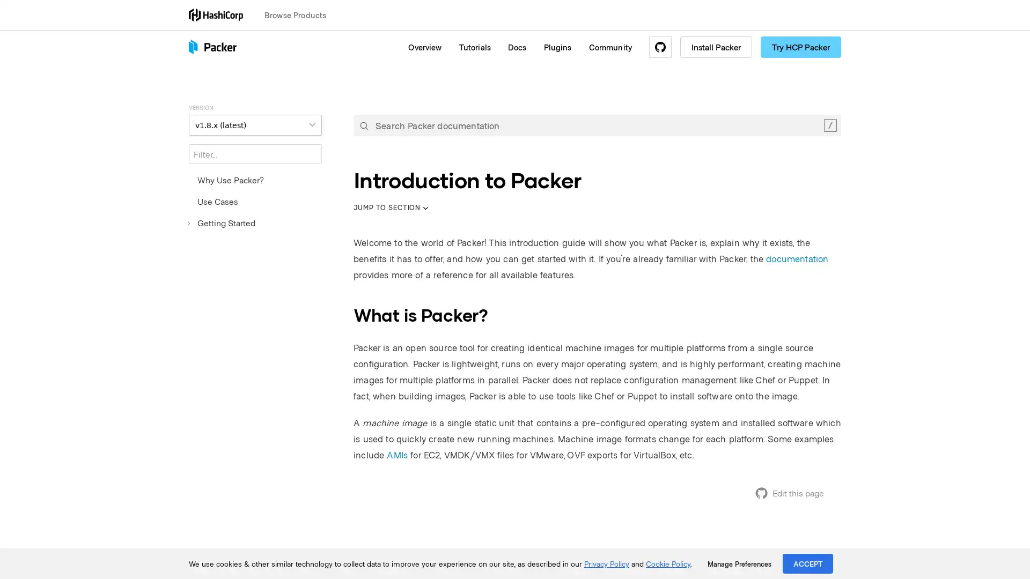 This screenshot has height=579, width=1030. What do you see at coordinates (221, 222) in the screenshot?
I see `Getting Started` at bounding box center [221, 222].